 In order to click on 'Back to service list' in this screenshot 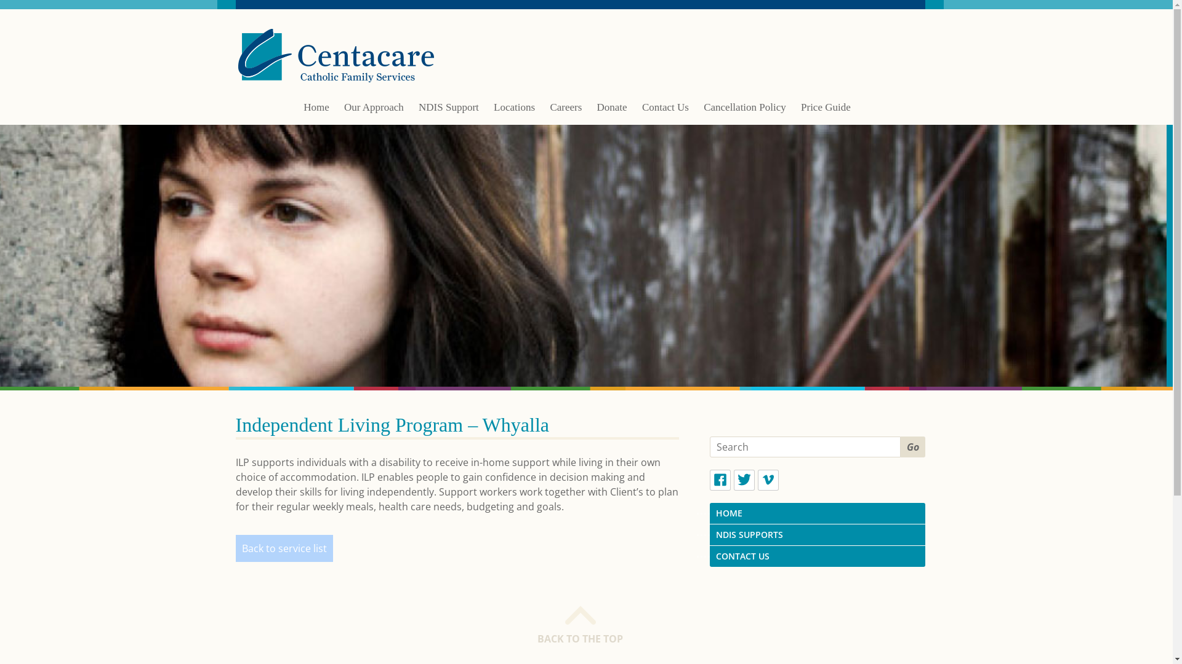, I will do `click(283, 547)`.